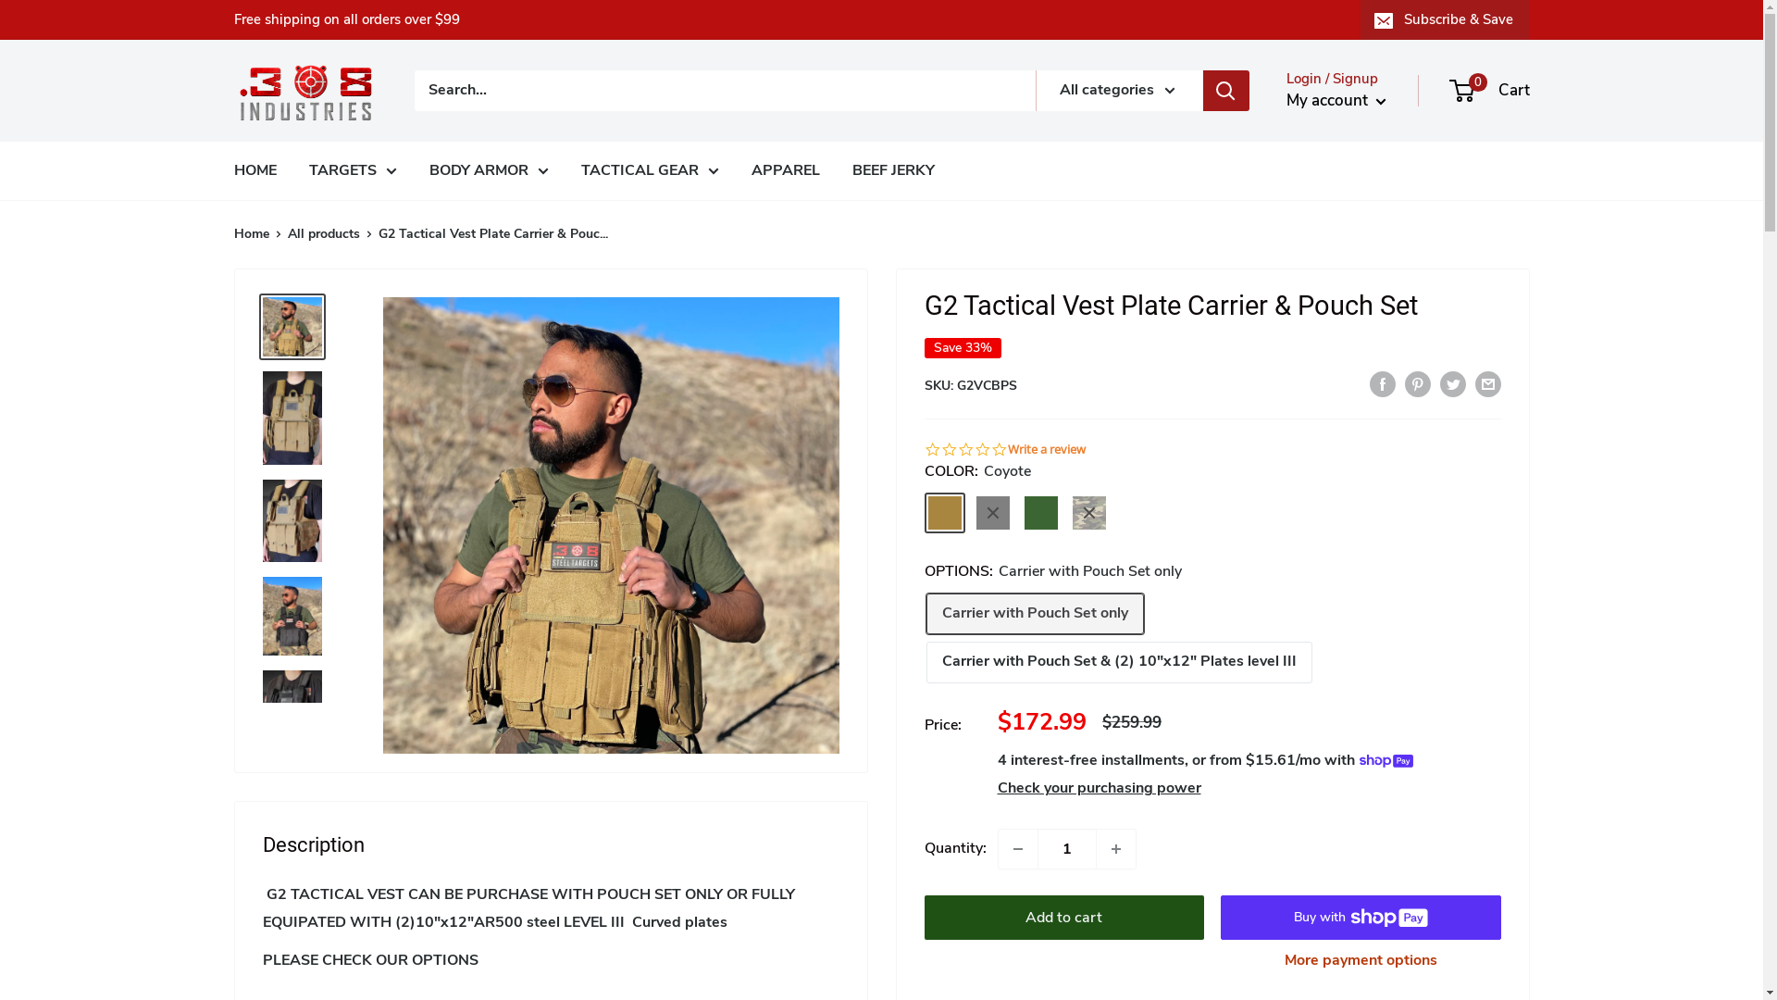 The image size is (1777, 1000). Describe the element at coordinates (489, 171) in the screenshot. I see `'BODY ARMOR'` at that location.